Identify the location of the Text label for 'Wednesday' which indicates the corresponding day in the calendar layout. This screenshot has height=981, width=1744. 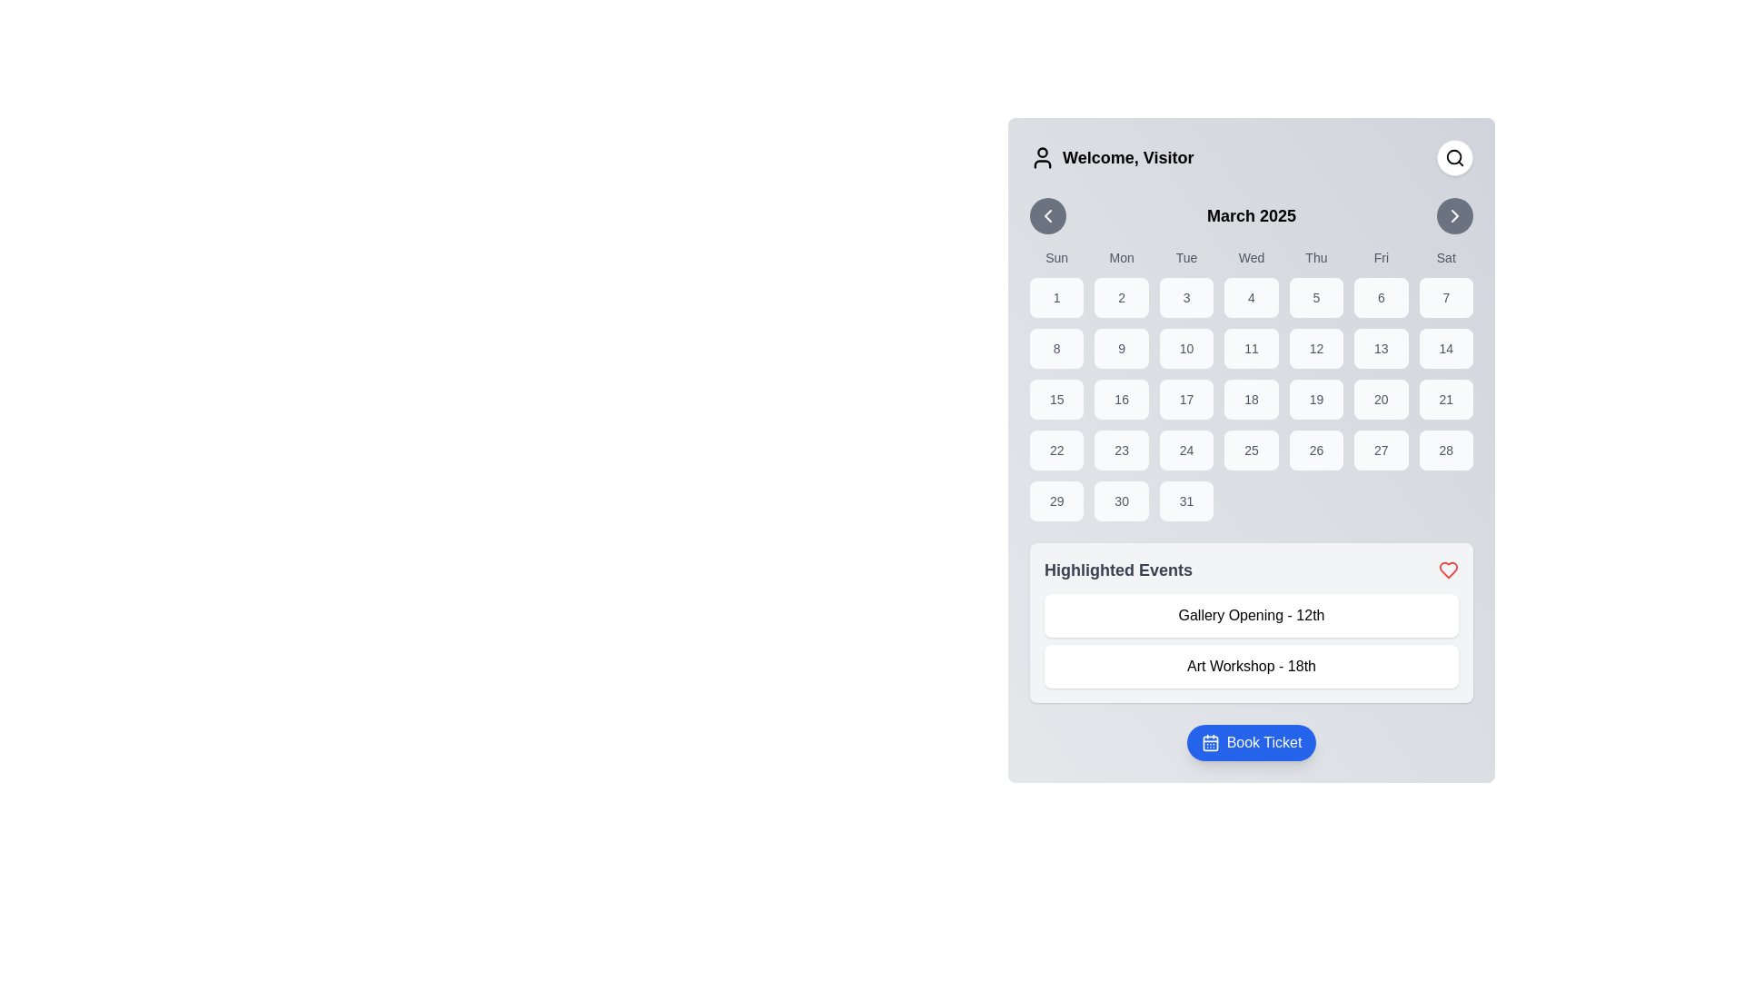
(1250, 258).